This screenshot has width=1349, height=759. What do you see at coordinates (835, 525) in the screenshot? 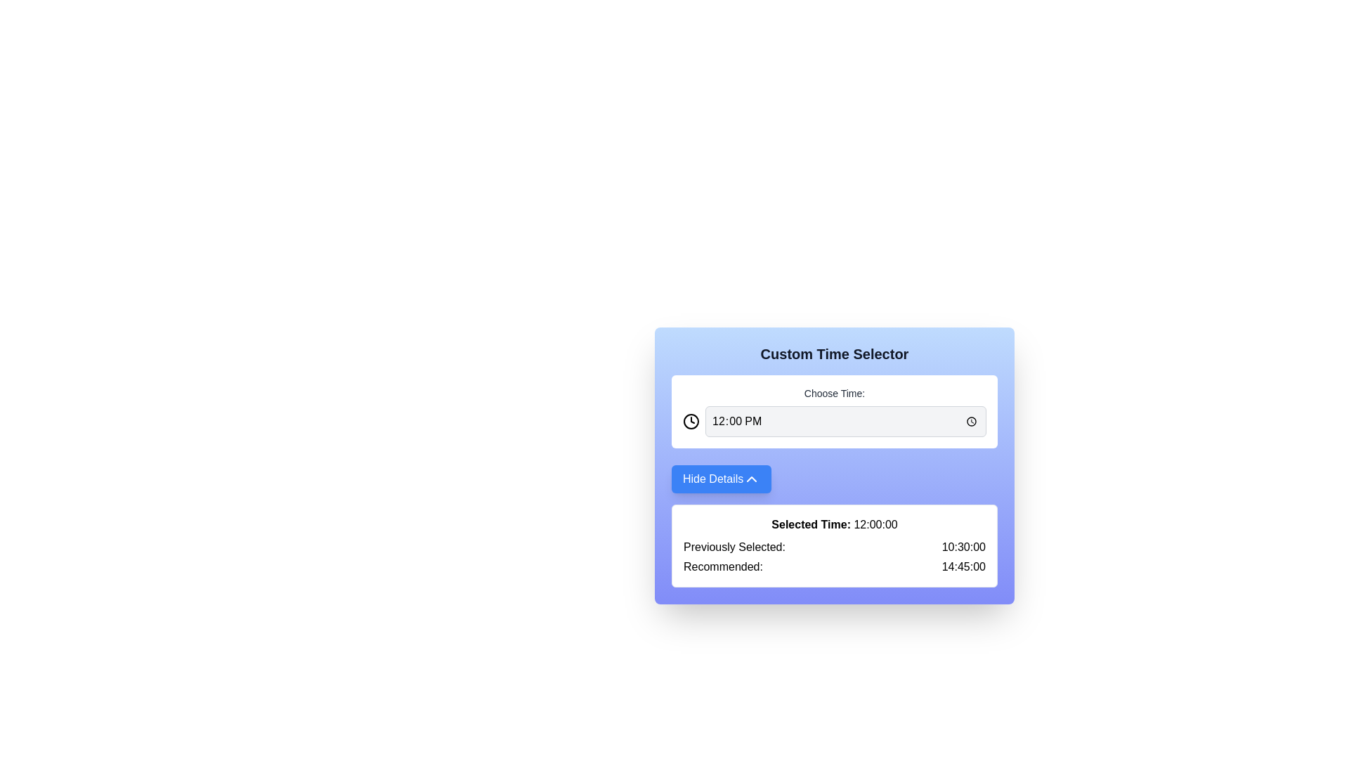
I see `the static text display that shows the currently selected time, located at the bottom of the interface above the values 'Previously Selected:' and 'Recommended:'` at bounding box center [835, 525].